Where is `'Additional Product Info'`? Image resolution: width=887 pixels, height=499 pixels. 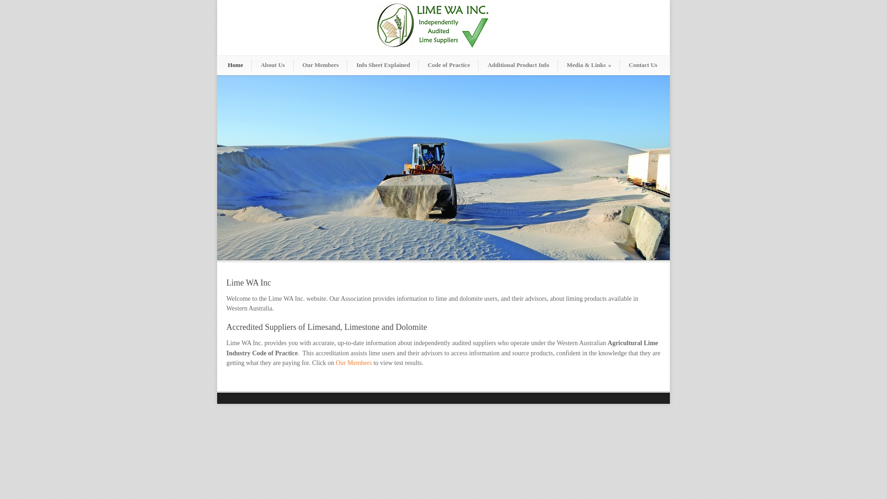
'Additional Product Info' is located at coordinates (518, 65).